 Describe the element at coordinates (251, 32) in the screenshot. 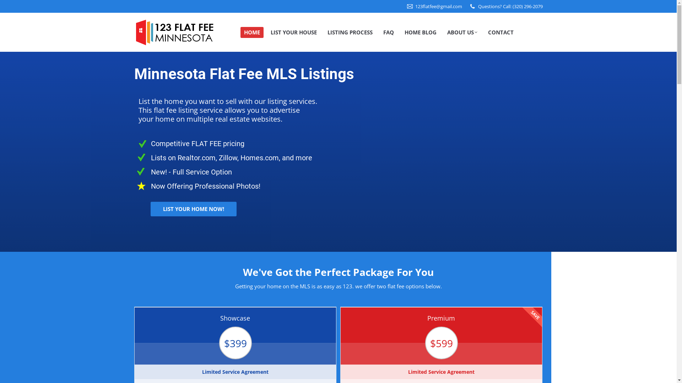

I see `'HOME'` at that location.